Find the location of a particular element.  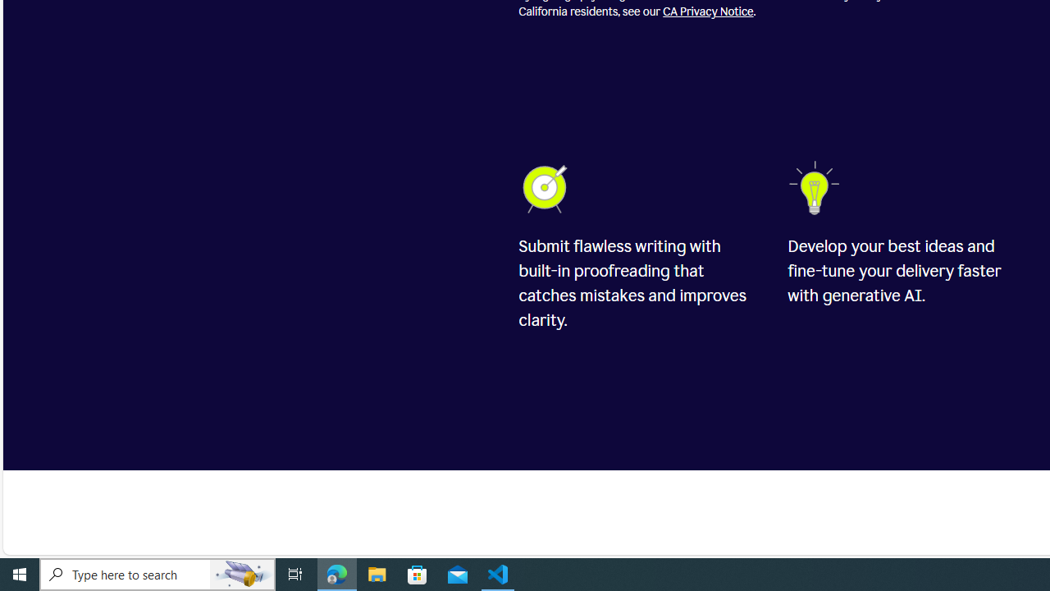

'CA Privacy Notice' is located at coordinates (708, 11).